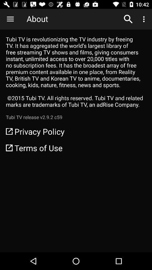  Describe the element at coordinates (76, 147) in the screenshot. I see `the terms of use item` at that location.